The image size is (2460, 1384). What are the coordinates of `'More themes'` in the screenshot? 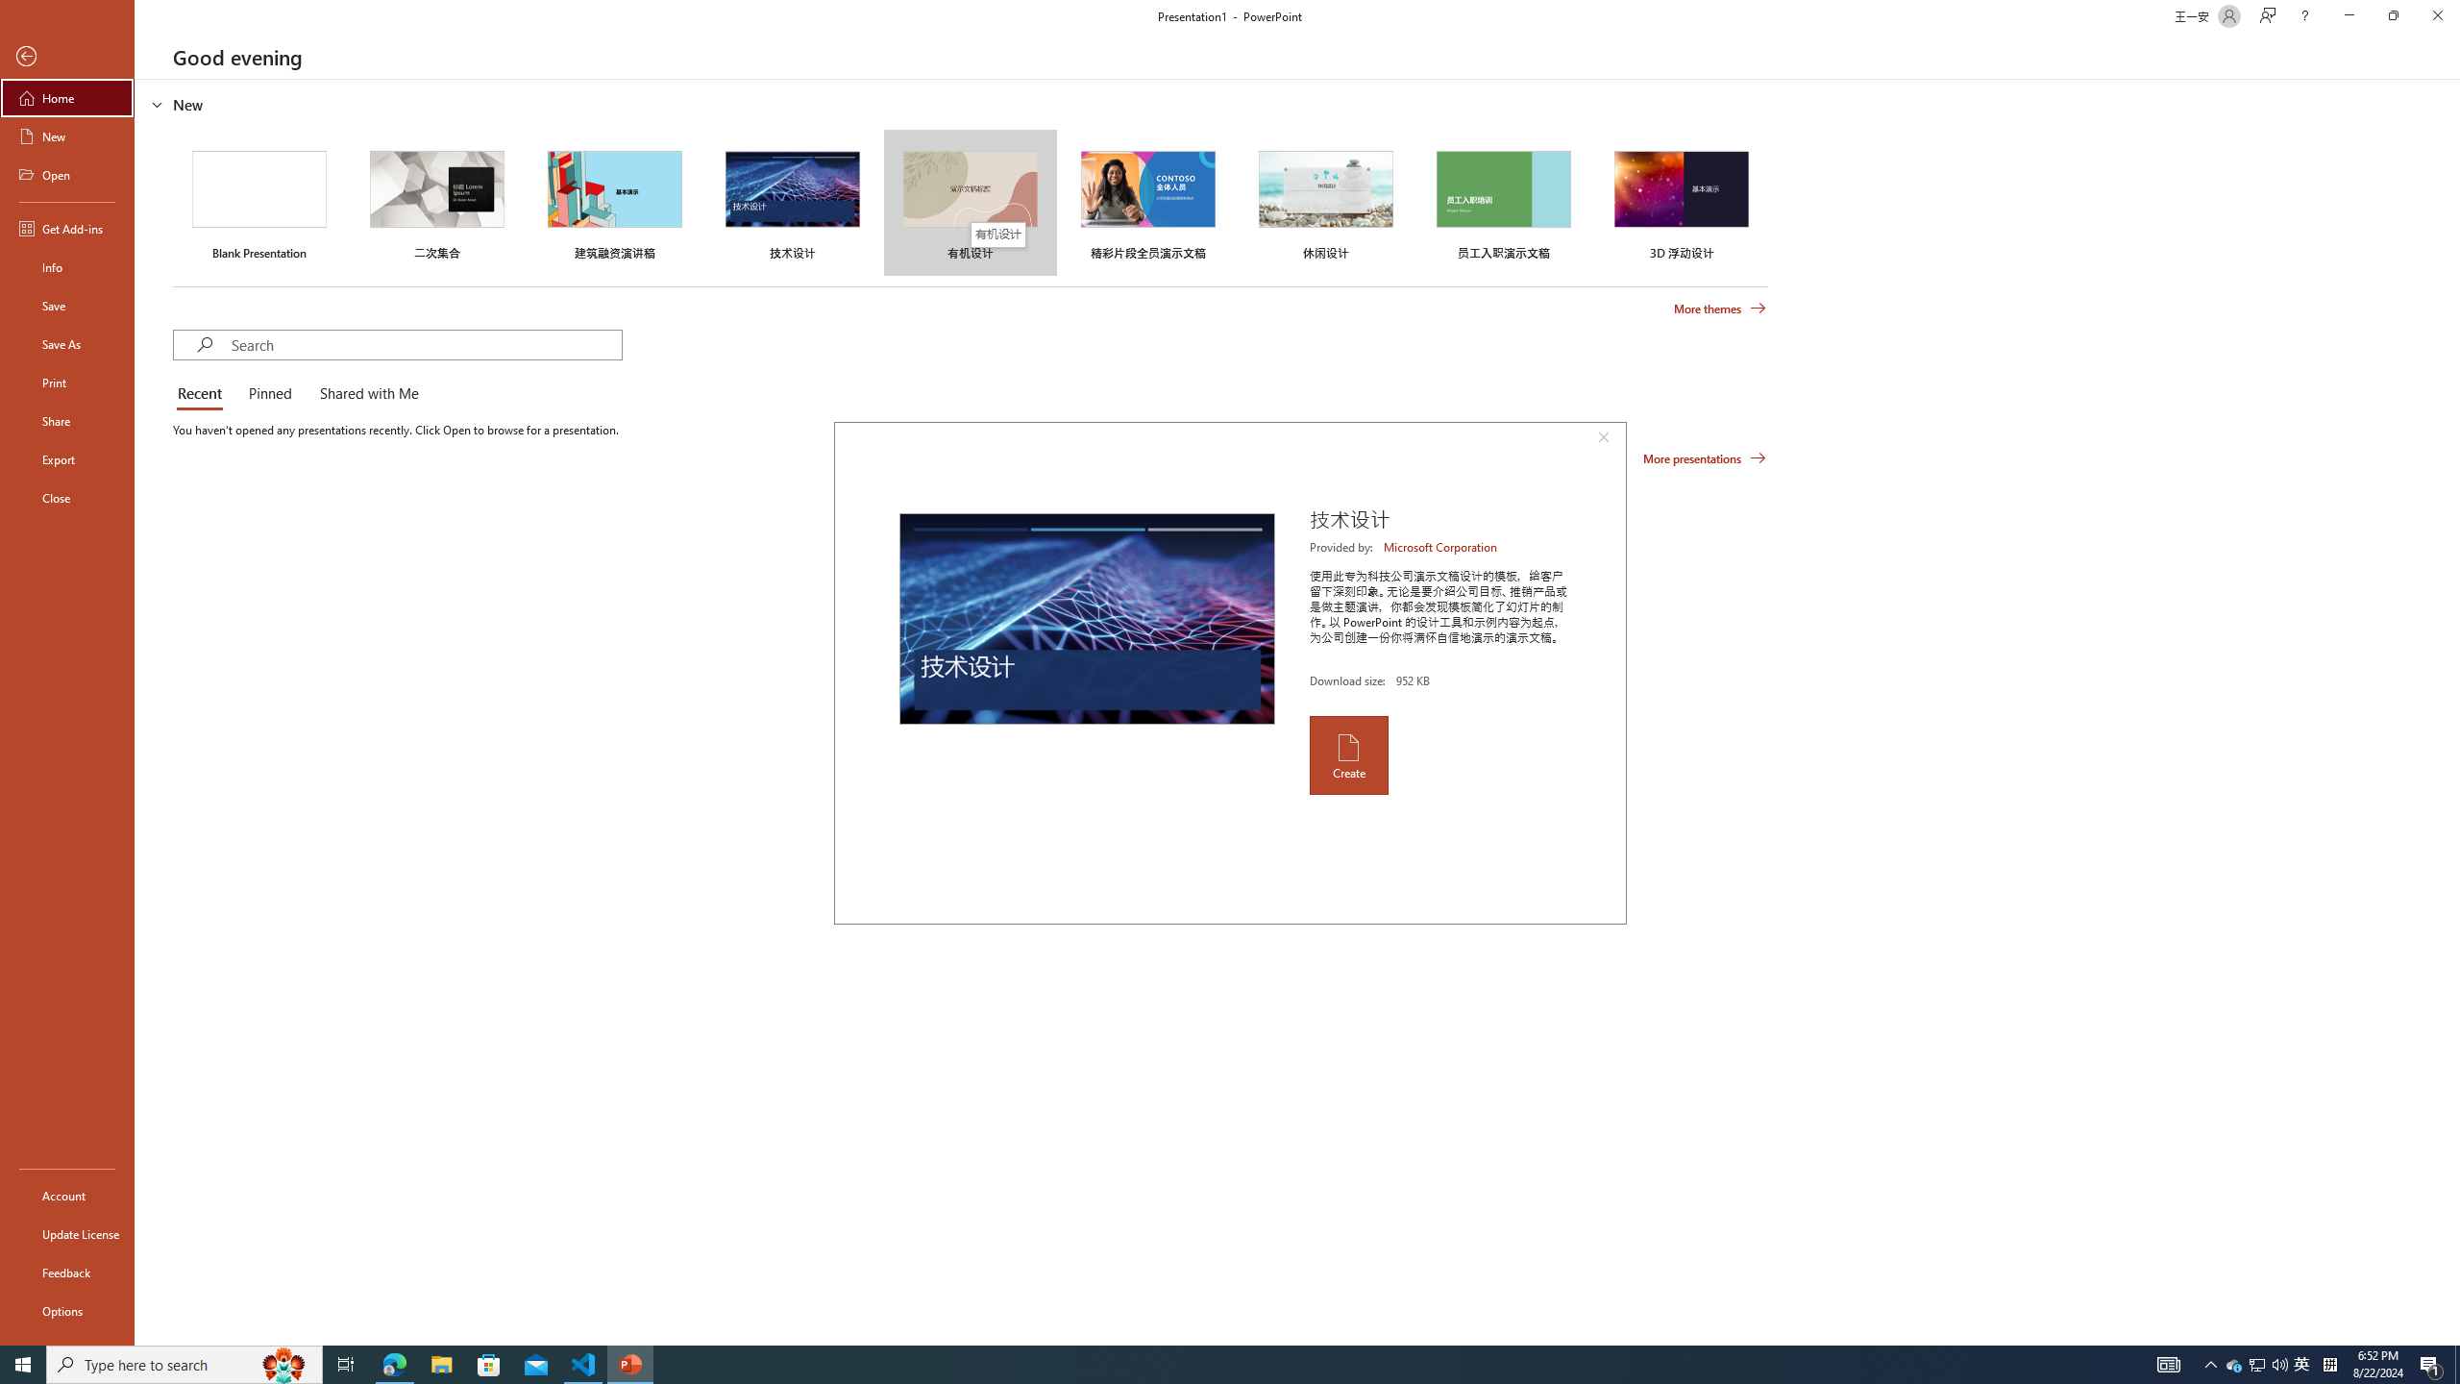 It's located at (1719, 309).